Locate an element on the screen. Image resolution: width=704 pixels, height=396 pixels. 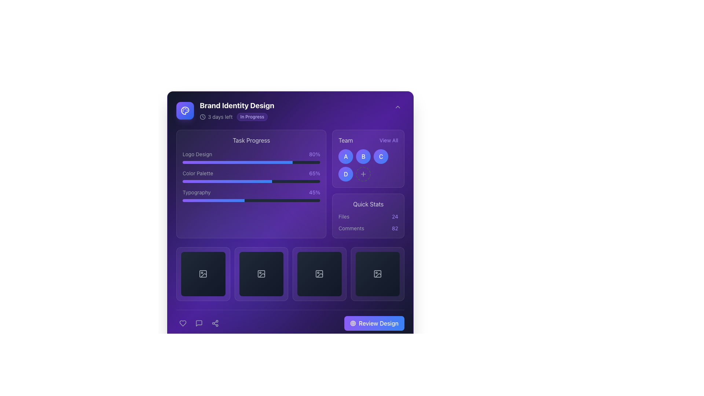
the small circular icon with a cross symbol inside located in the third column of the 'Team' section is located at coordinates (363, 174).